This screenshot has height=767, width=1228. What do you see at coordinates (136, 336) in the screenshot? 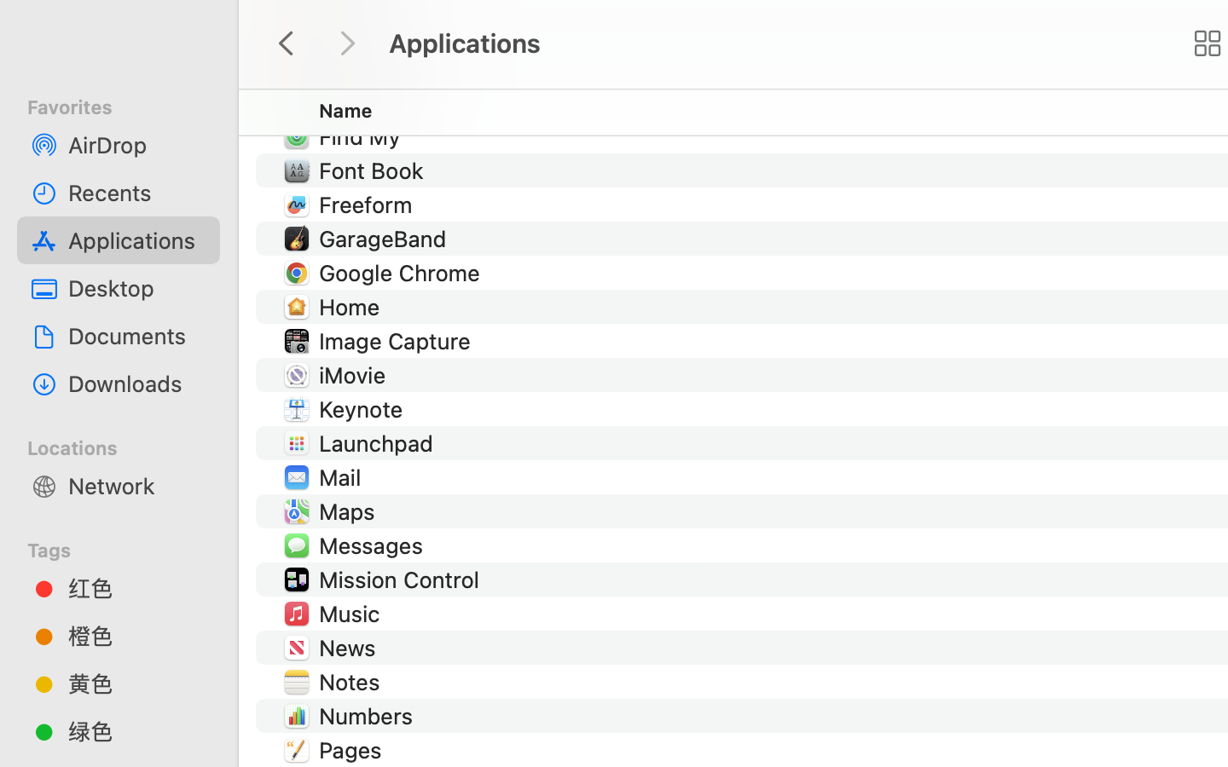
I see `'Documents'` at bounding box center [136, 336].